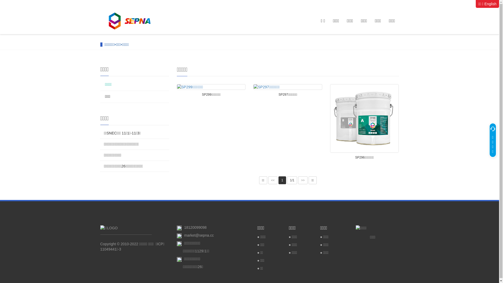 The image size is (503, 283). I want to click on '1/1', so click(292, 180).